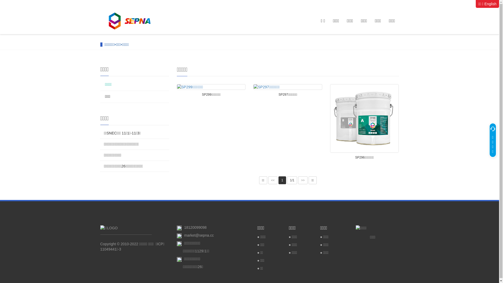 The image size is (503, 283). I want to click on '1/1', so click(292, 180).